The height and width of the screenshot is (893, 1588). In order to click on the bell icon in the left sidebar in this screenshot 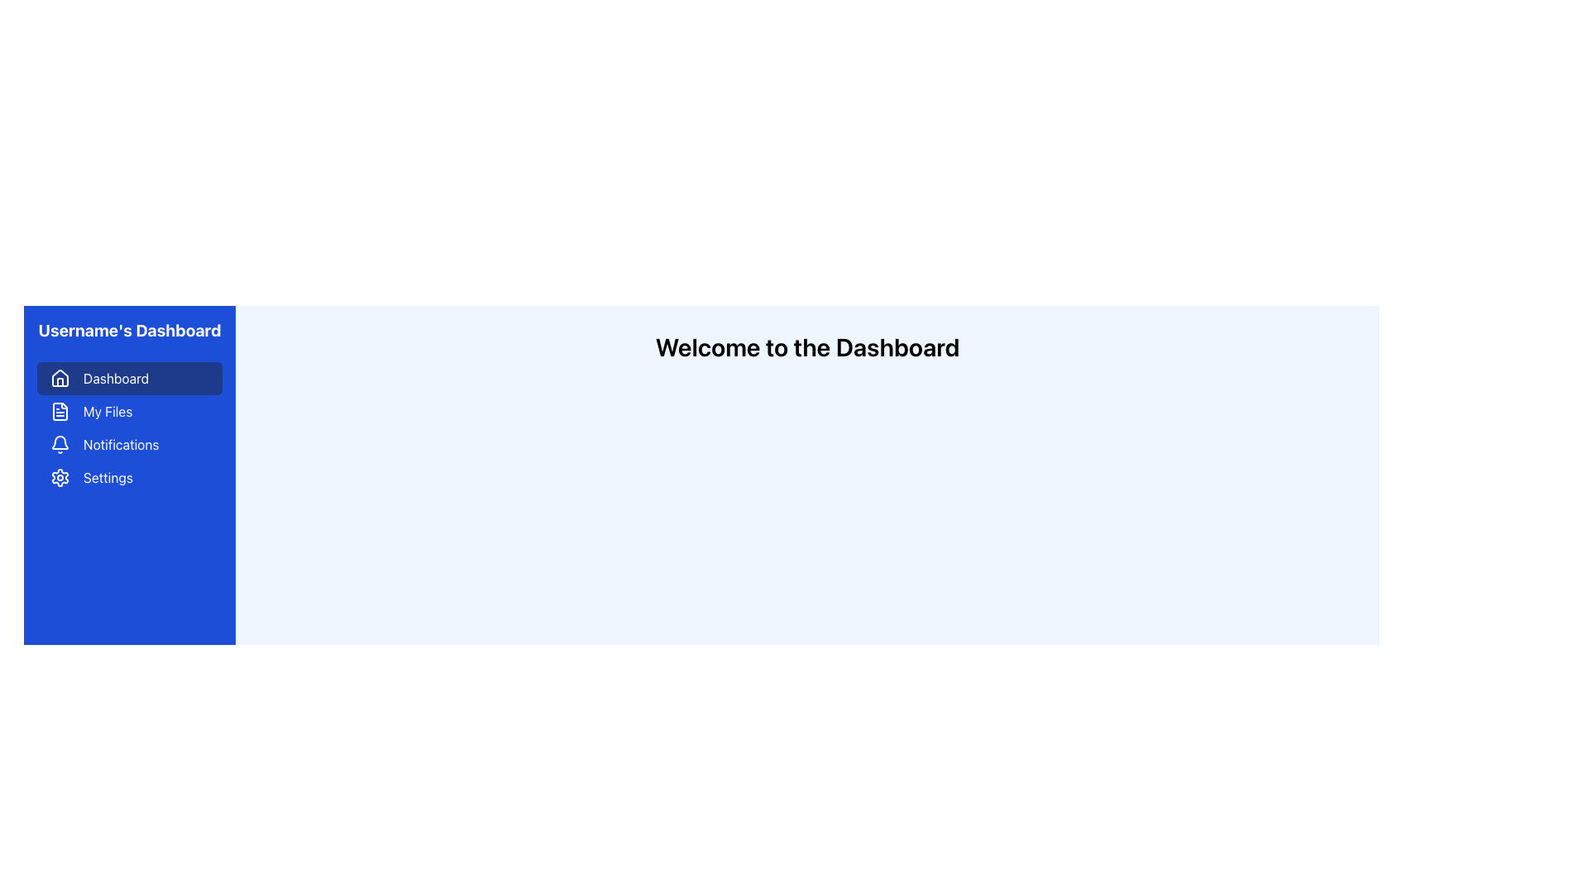, I will do `click(60, 442)`.